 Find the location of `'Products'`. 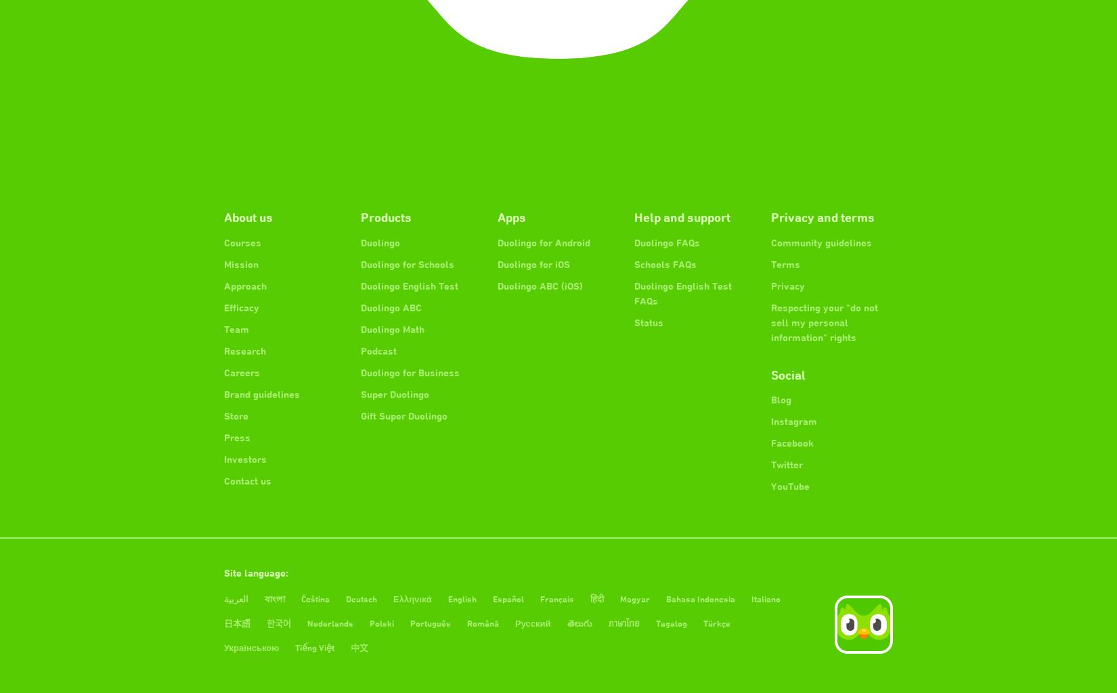

'Products' is located at coordinates (385, 216).